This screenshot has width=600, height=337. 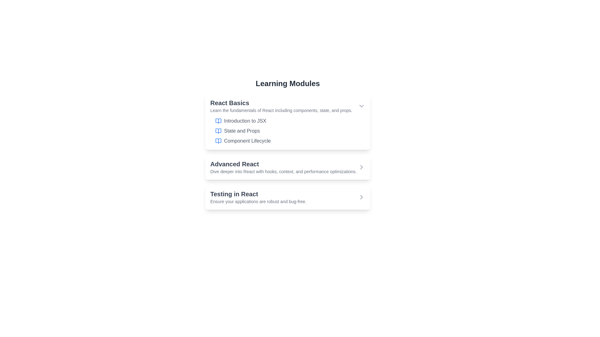 What do you see at coordinates (247, 141) in the screenshot?
I see `the lesson link Component Lifecycle within the 'React Basics' module` at bounding box center [247, 141].